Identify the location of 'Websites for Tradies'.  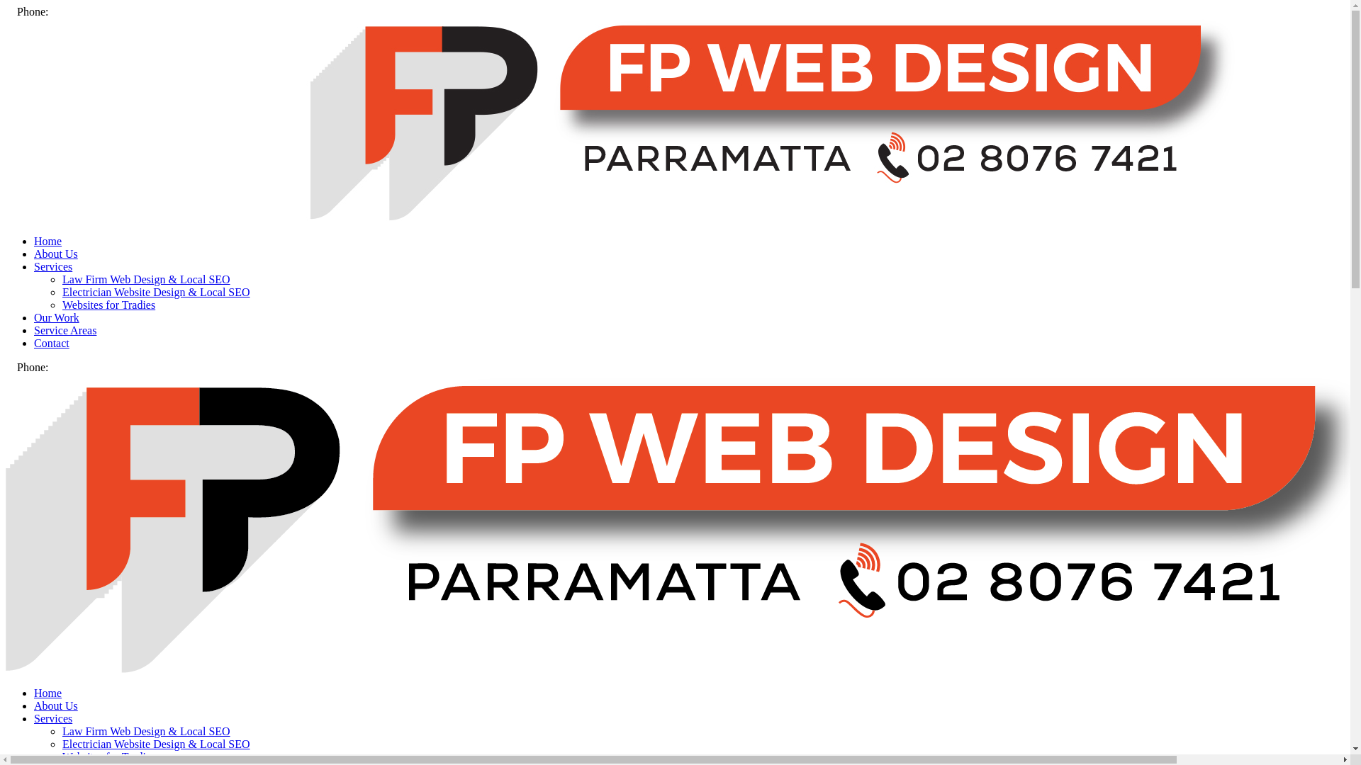
(108, 304).